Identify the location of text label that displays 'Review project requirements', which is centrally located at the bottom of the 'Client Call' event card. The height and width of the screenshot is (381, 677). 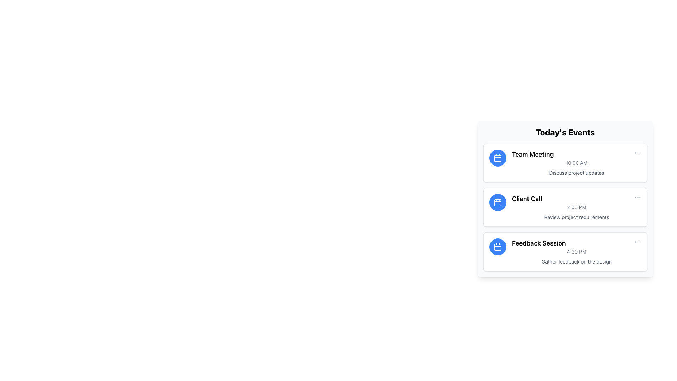
(577, 217).